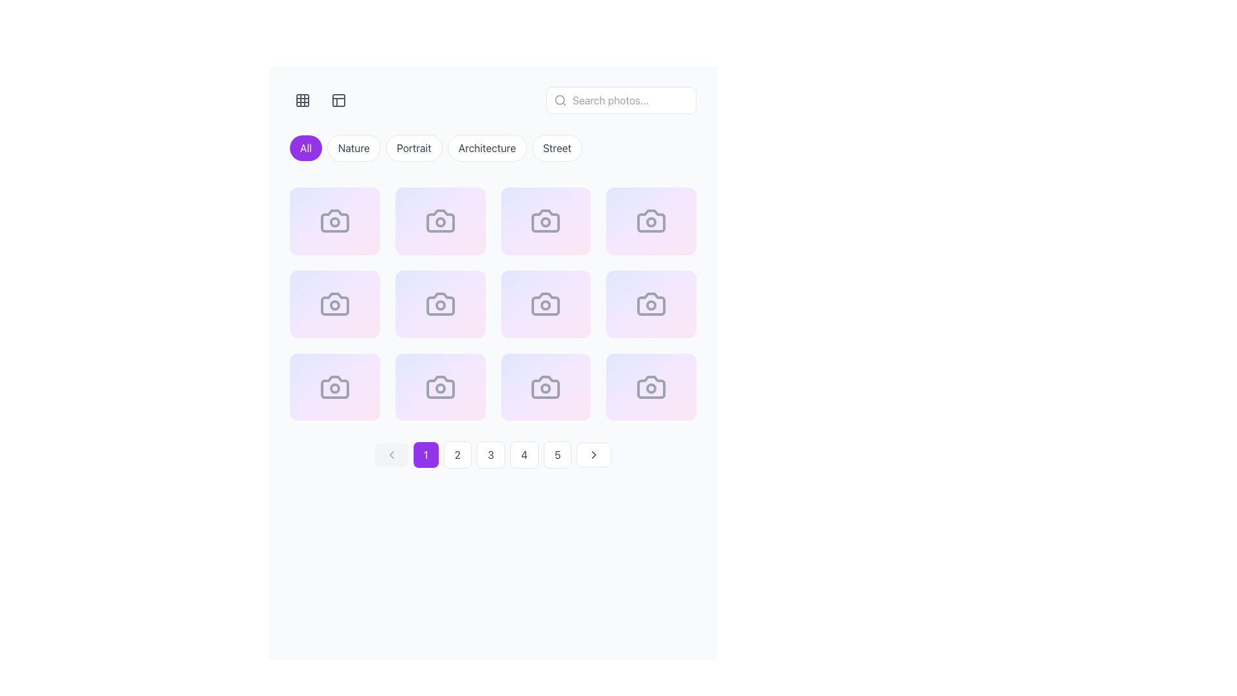 This screenshot has height=696, width=1237. Describe the element at coordinates (334, 316) in the screenshot. I see `the 'share' button located below the text 'Category: street' for the item 'Photograph #5', which is the second button from the left in its row` at that location.